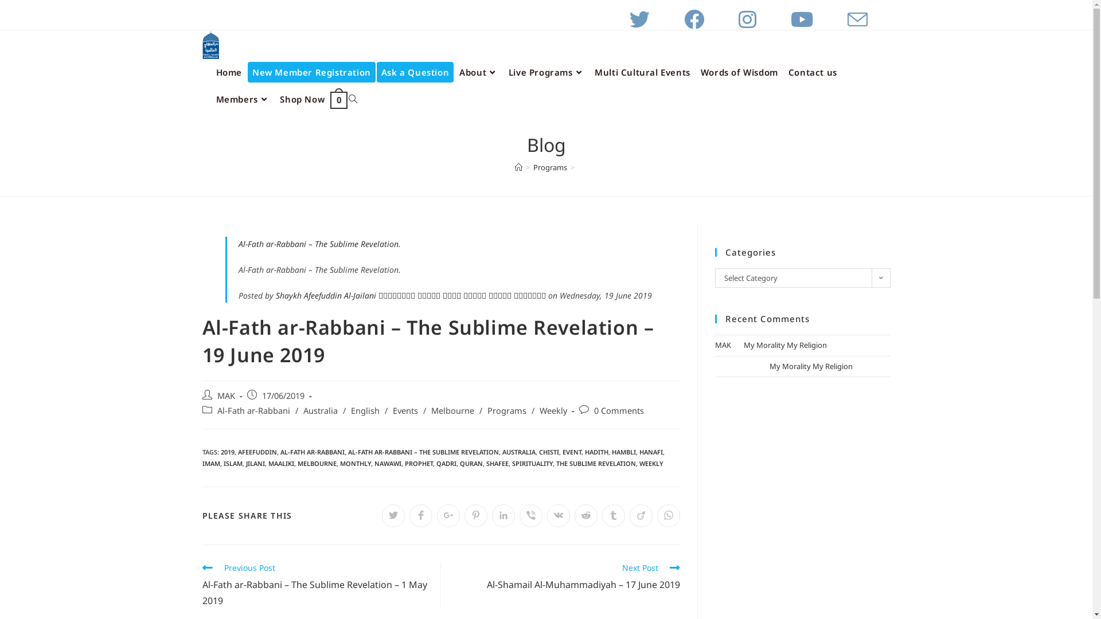  What do you see at coordinates (618, 410) in the screenshot?
I see `'0 Comments'` at bounding box center [618, 410].